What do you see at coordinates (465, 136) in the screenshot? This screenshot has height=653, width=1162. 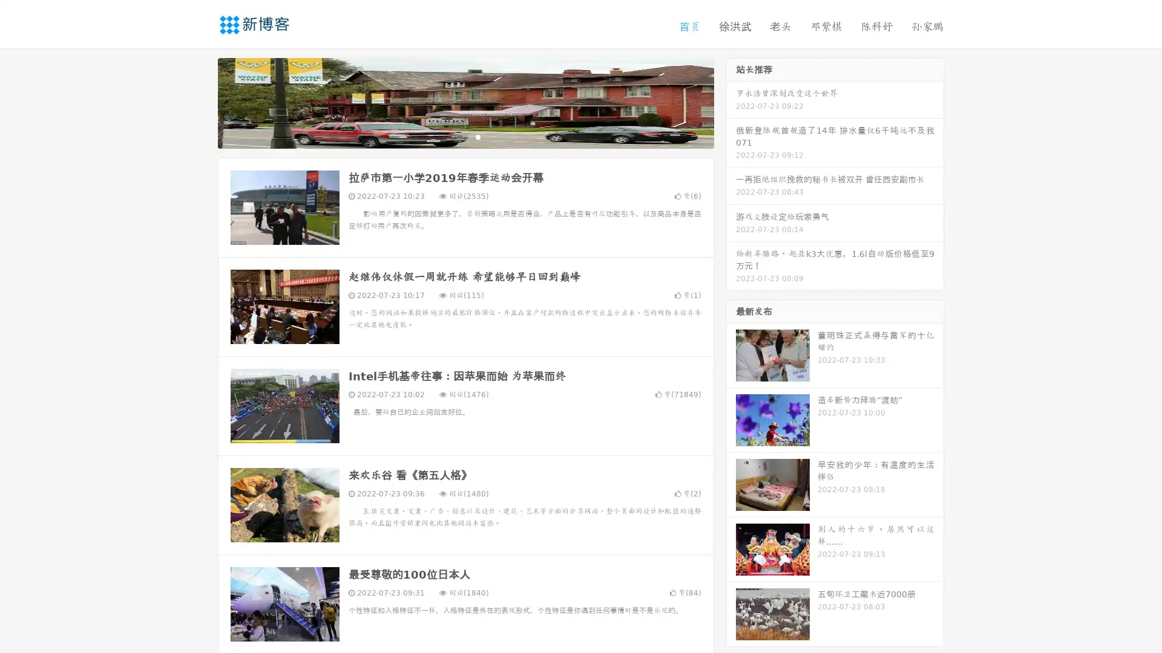 I see `Go to slide 2` at bounding box center [465, 136].